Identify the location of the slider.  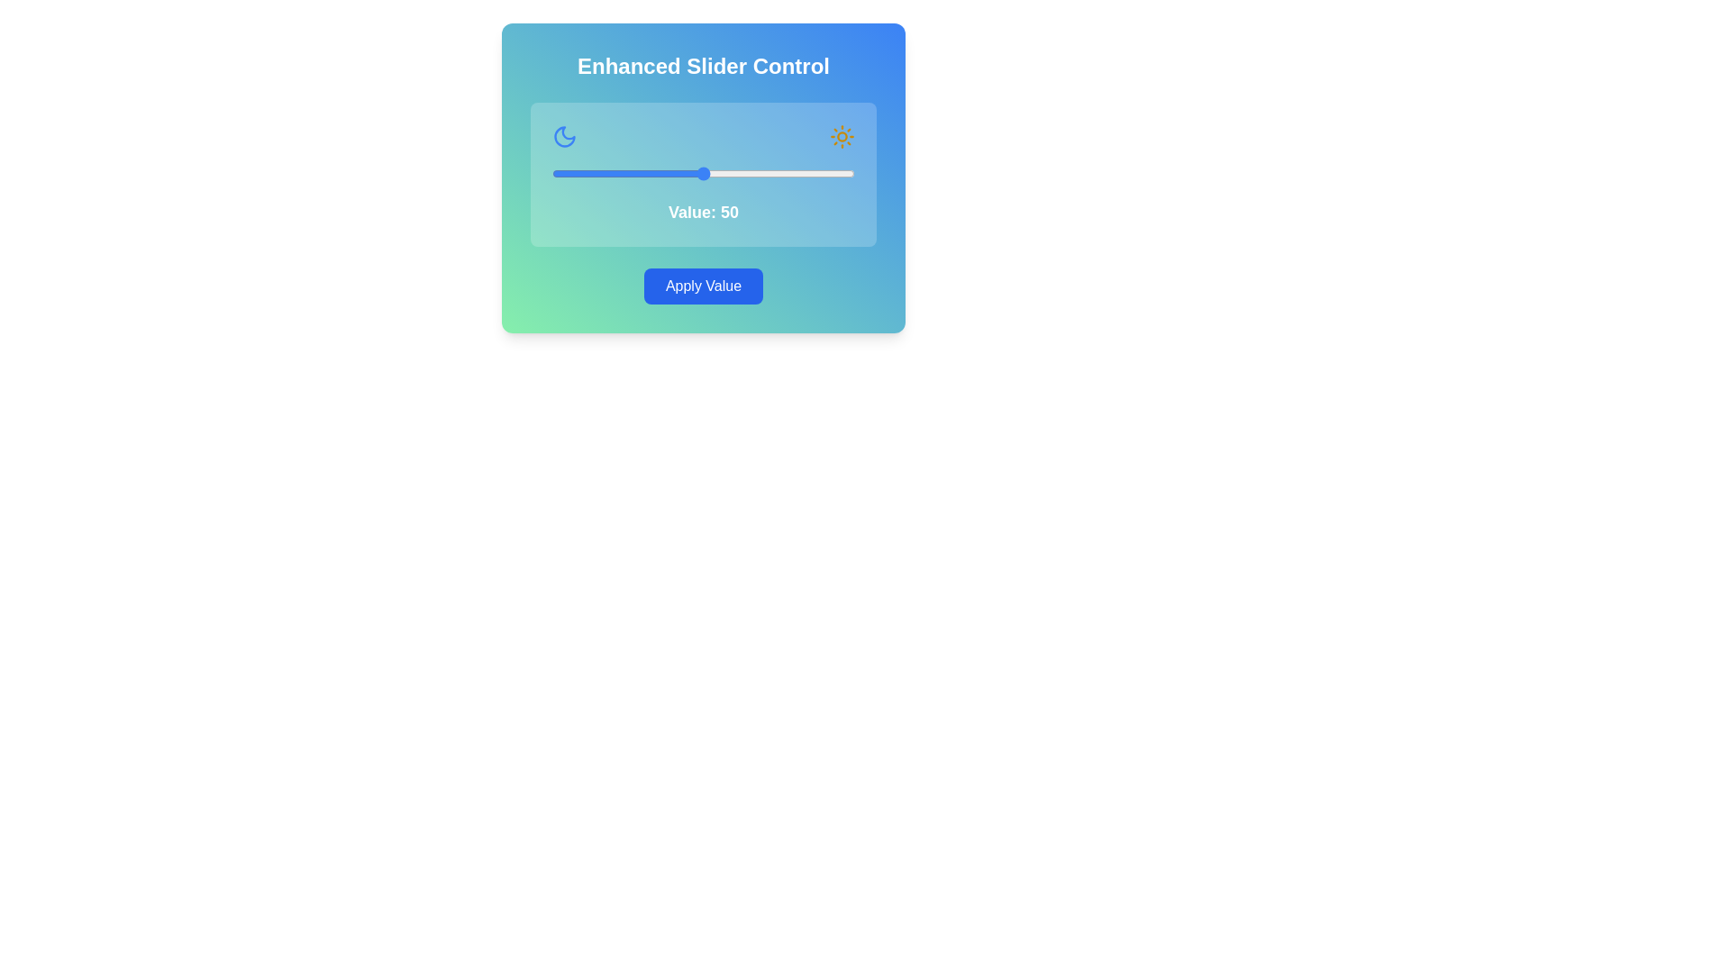
(760, 173).